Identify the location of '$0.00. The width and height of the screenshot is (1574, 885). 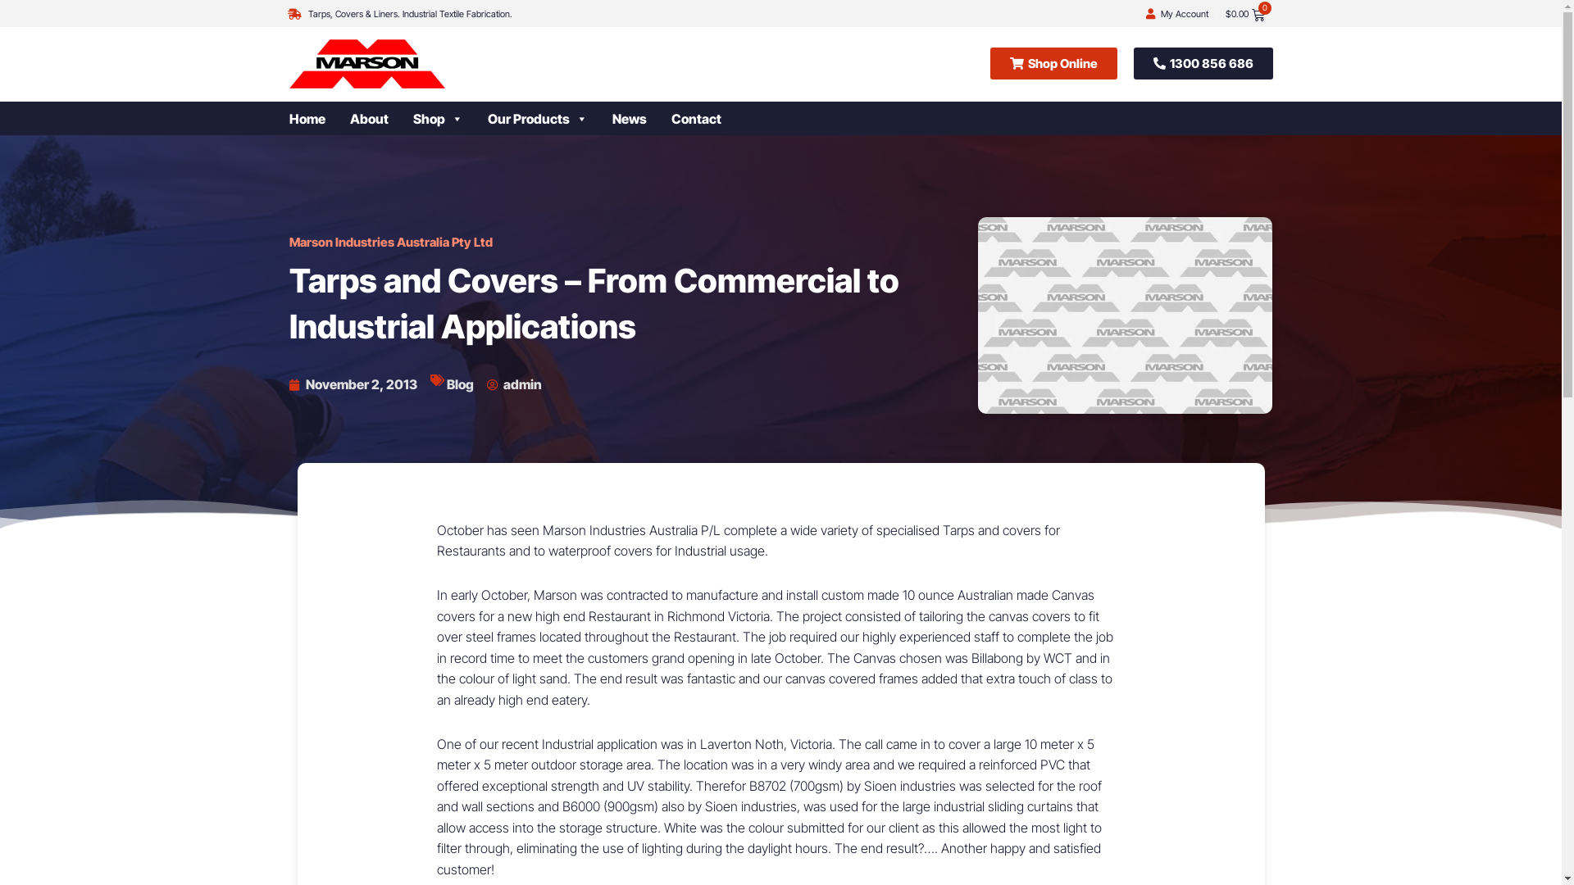
(1225, 11).